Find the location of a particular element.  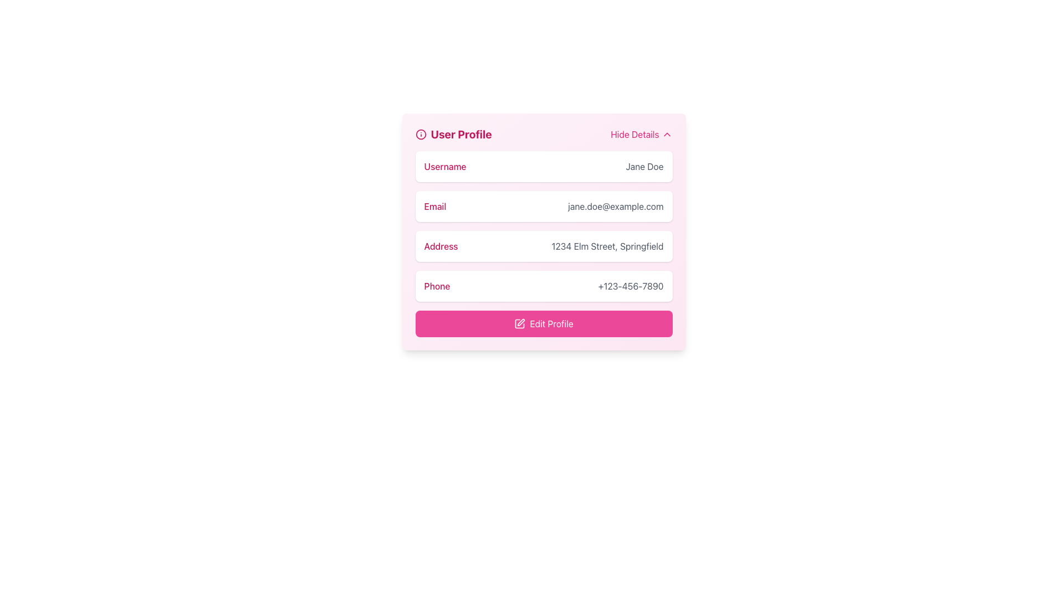

the 'Username' text label styled with the class 'text-pink-700 font-medium', which is located above the descriptor 'Jane Doe' is located at coordinates (445, 166).